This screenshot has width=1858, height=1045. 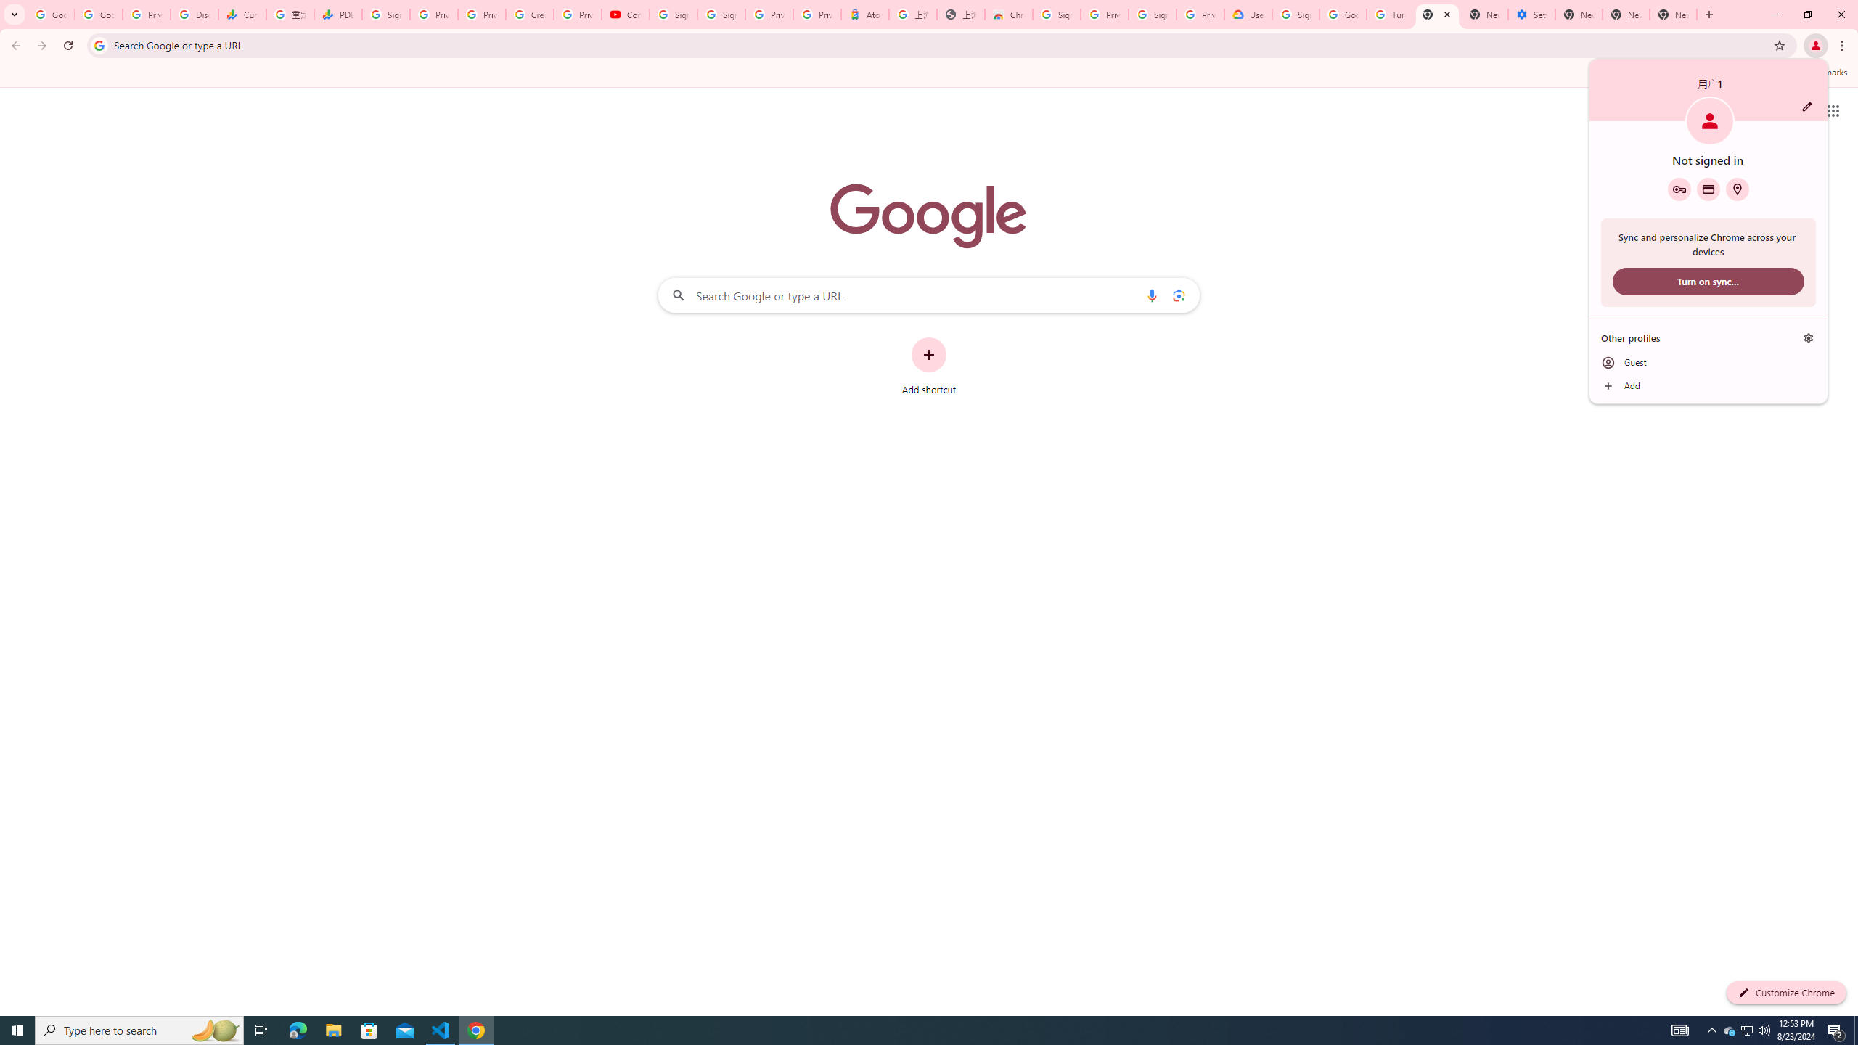 I want to click on 'AutomationID: 4105', so click(x=1680, y=1029).